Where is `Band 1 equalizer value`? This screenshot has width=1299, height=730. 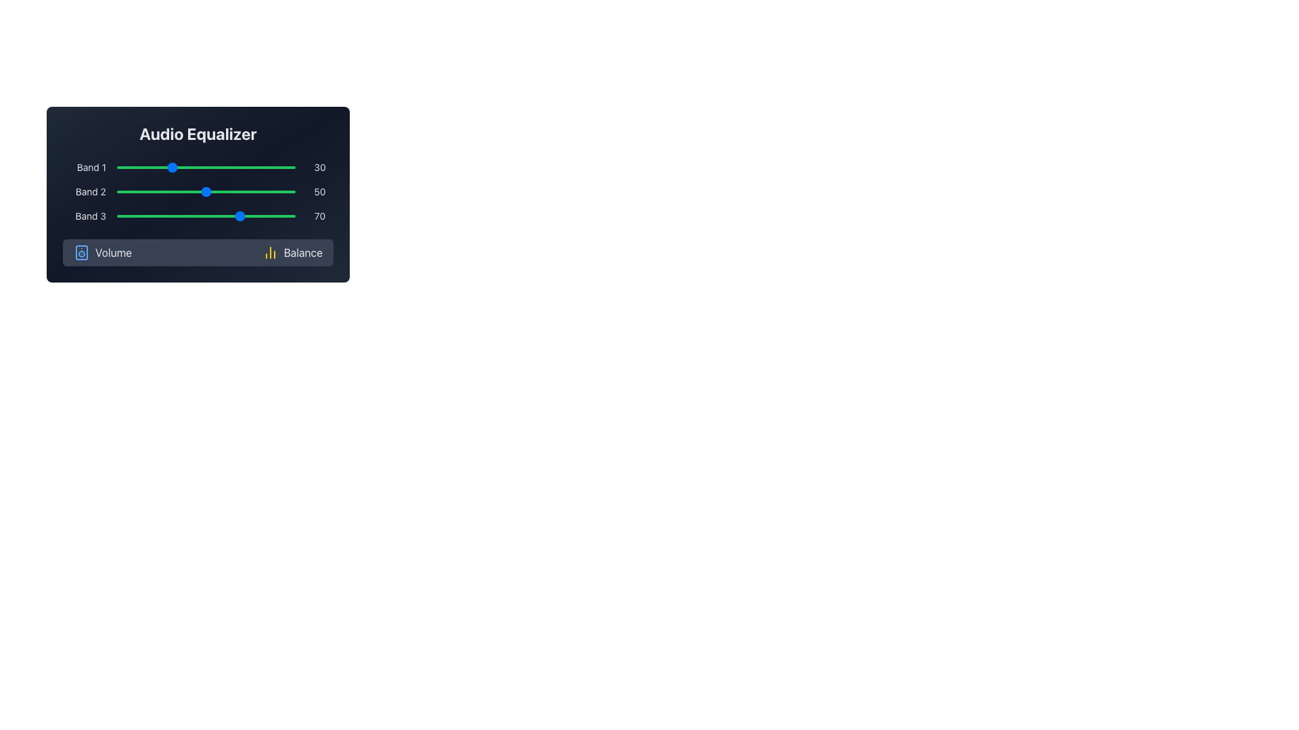 Band 1 equalizer value is located at coordinates (273, 166).